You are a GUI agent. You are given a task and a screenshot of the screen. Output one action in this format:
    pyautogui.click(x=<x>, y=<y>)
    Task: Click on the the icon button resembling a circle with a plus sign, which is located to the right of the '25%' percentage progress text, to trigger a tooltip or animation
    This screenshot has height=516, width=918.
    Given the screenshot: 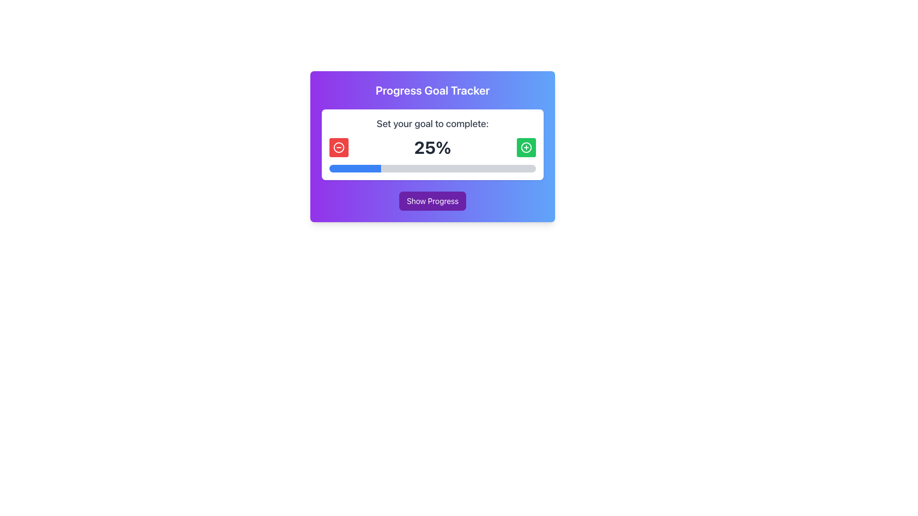 What is the action you would take?
    pyautogui.click(x=525, y=147)
    